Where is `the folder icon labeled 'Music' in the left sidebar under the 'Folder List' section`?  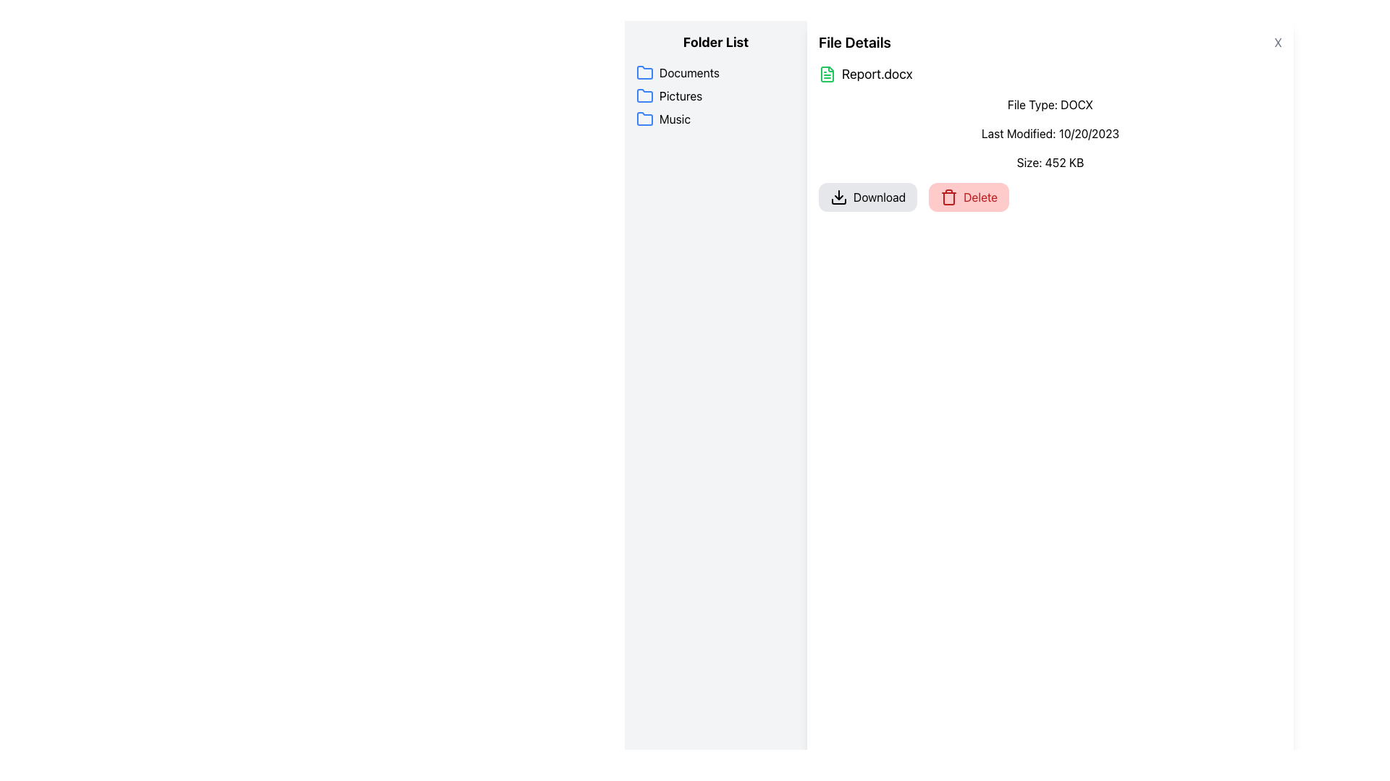 the folder icon labeled 'Music' in the left sidebar under the 'Folder List' section is located at coordinates (644, 118).